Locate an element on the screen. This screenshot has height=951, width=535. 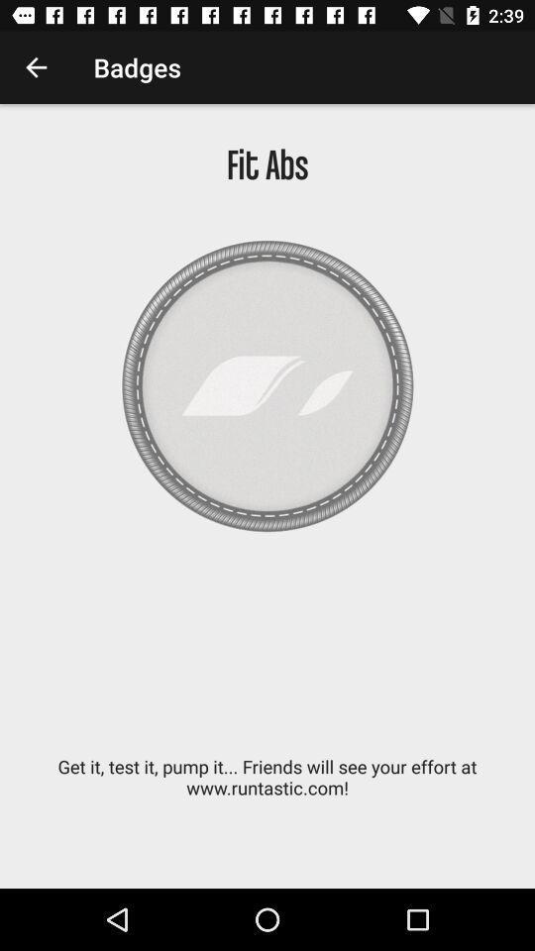
get it test is located at coordinates (267, 788).